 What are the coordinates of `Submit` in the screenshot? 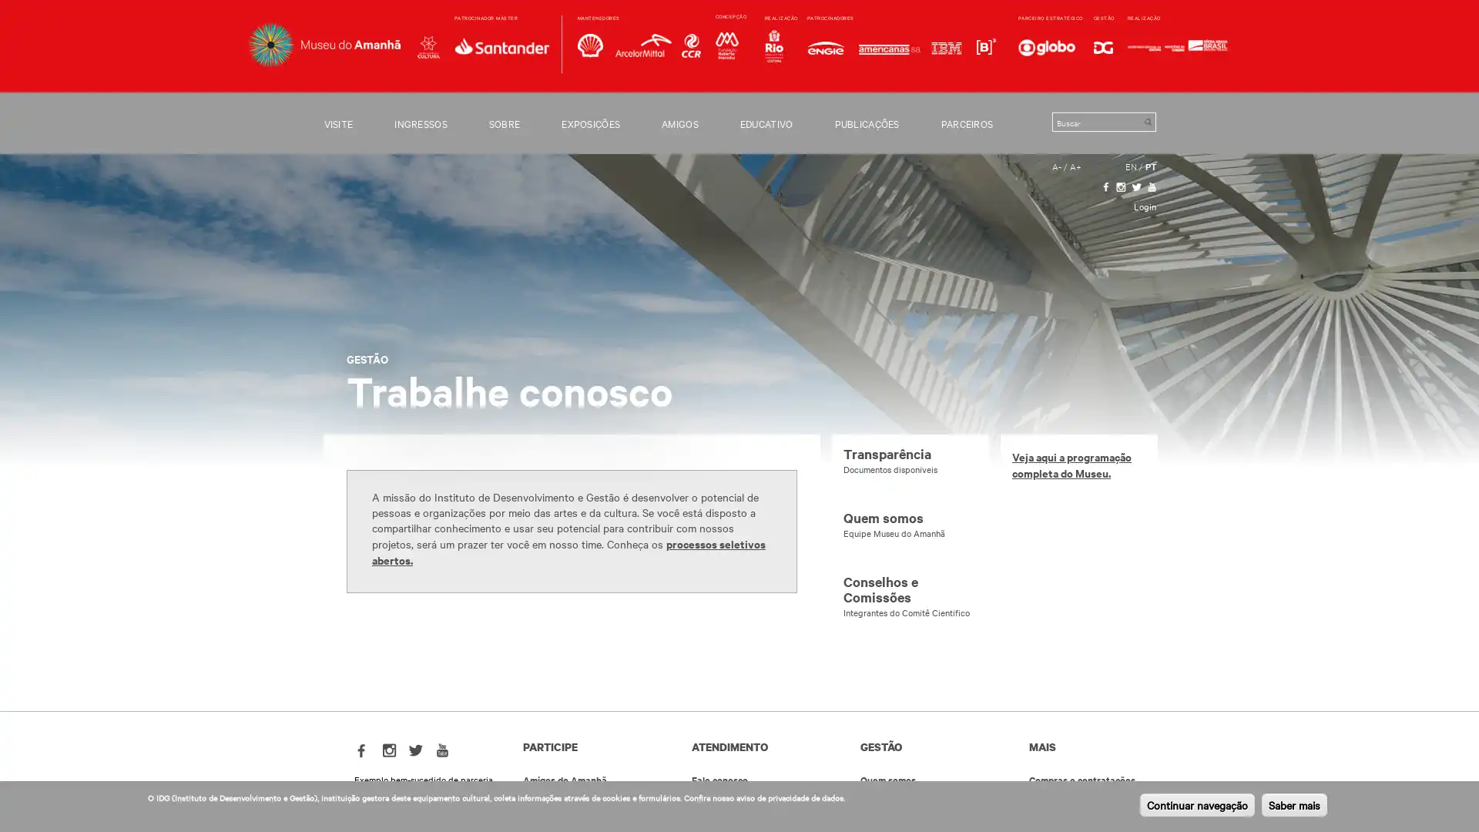 It's located at (1147, 121).